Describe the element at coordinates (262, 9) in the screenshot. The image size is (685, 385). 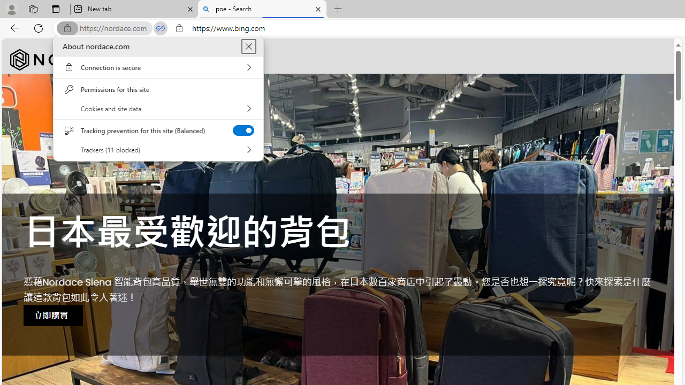
I see `'poe - Search'` at that location.